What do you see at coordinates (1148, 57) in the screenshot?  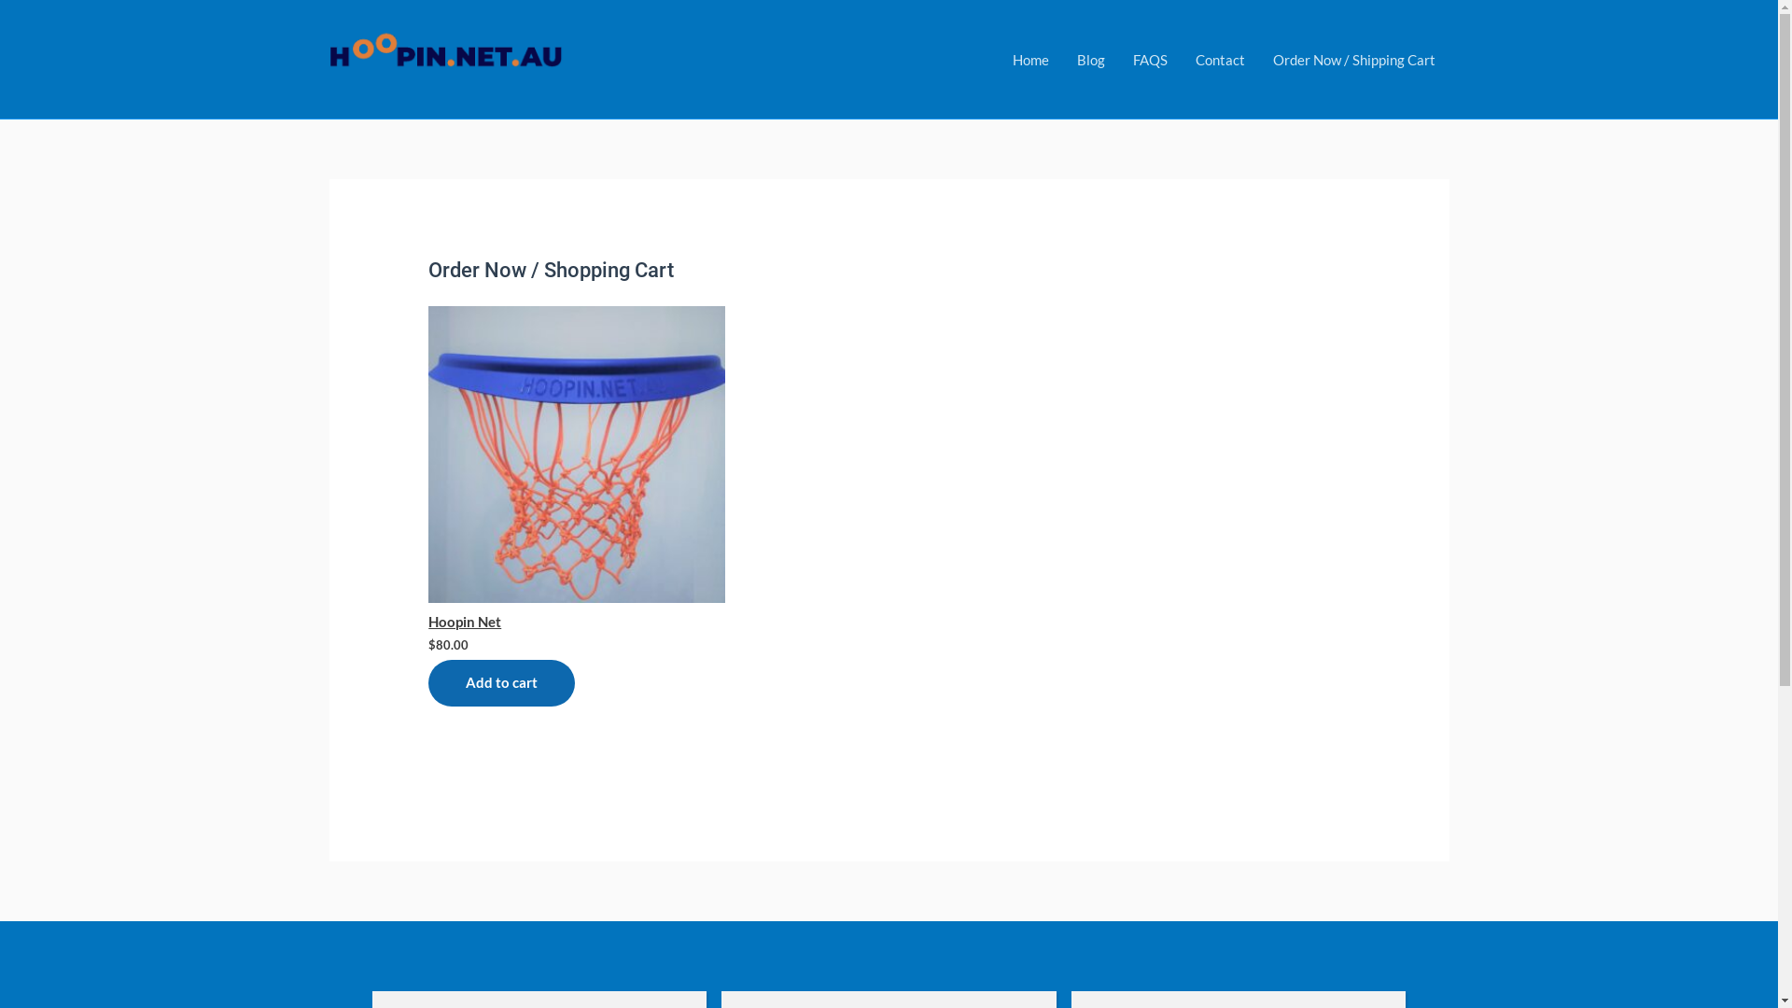 I see `'FAQS'` at bounding box center [1148, 57].